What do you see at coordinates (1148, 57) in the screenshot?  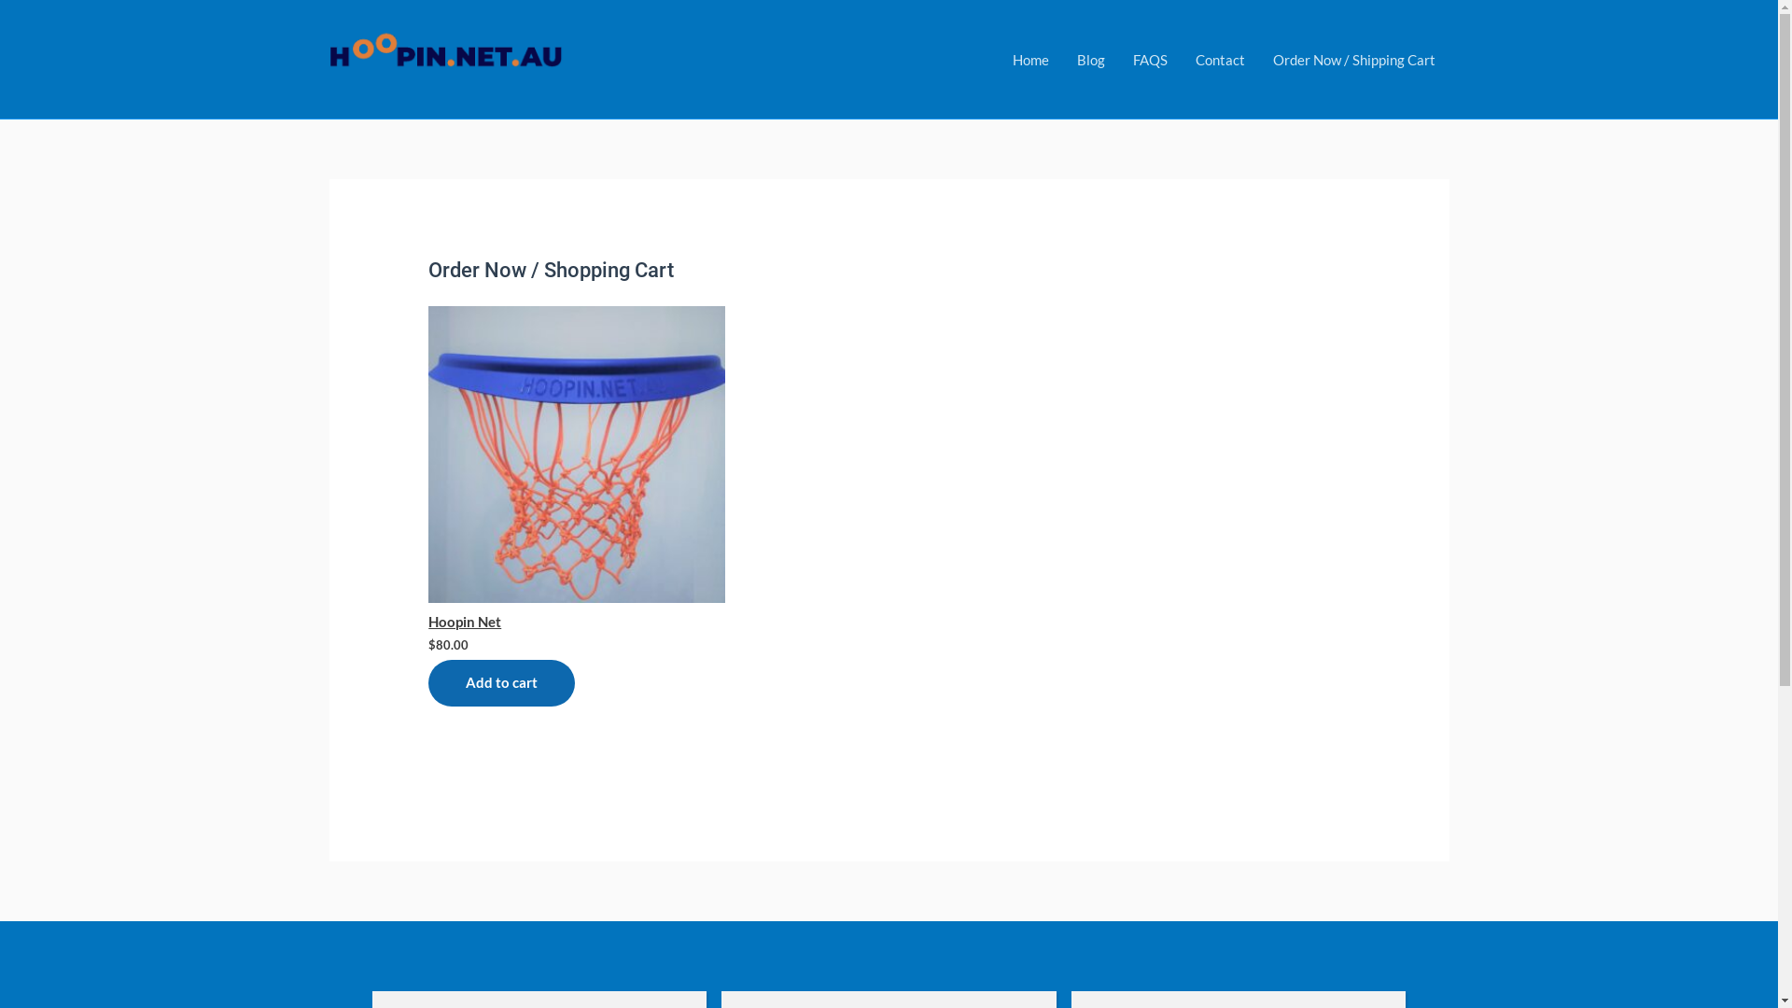 I see `'FAQS'` at bounding box center [1148, 57].